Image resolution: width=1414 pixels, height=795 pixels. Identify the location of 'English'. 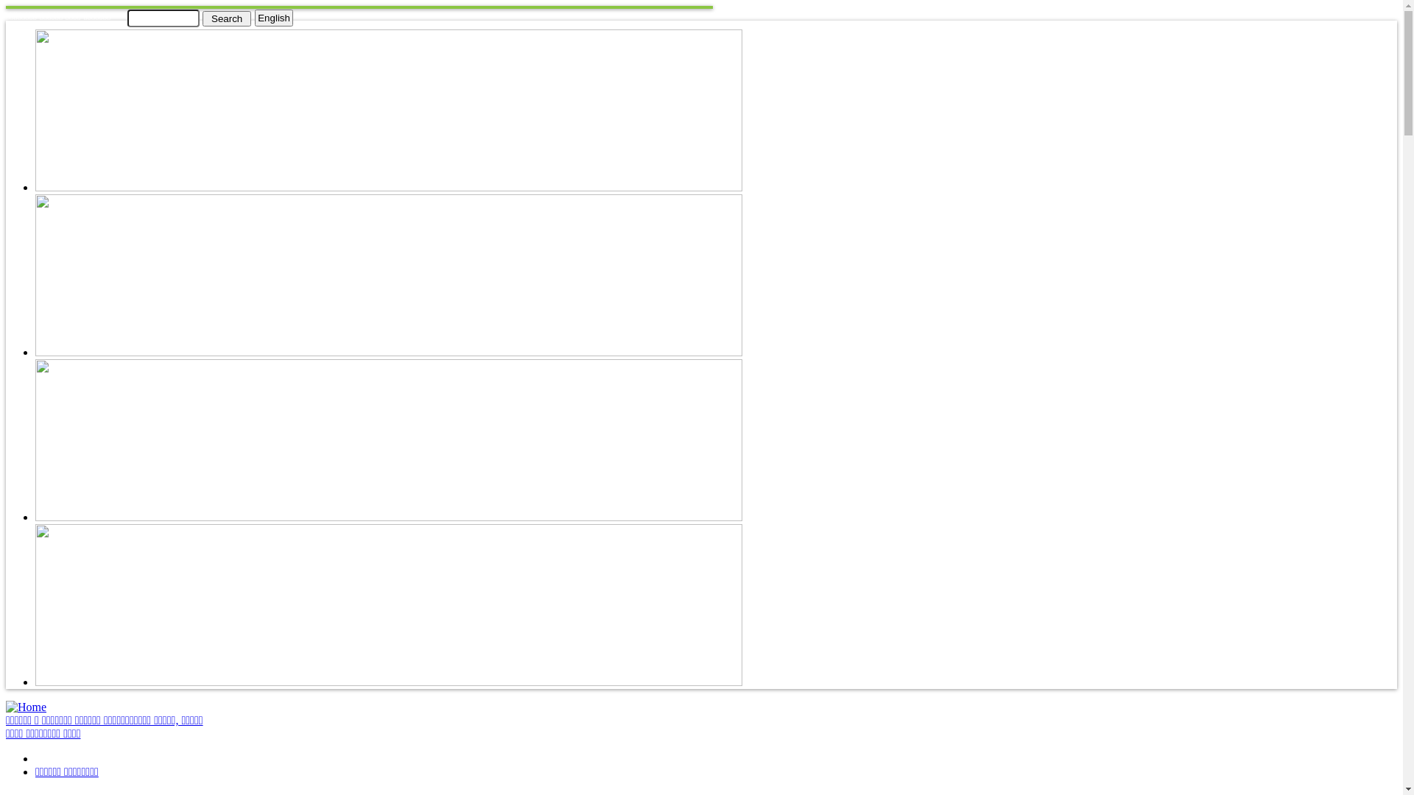
(274, 18).